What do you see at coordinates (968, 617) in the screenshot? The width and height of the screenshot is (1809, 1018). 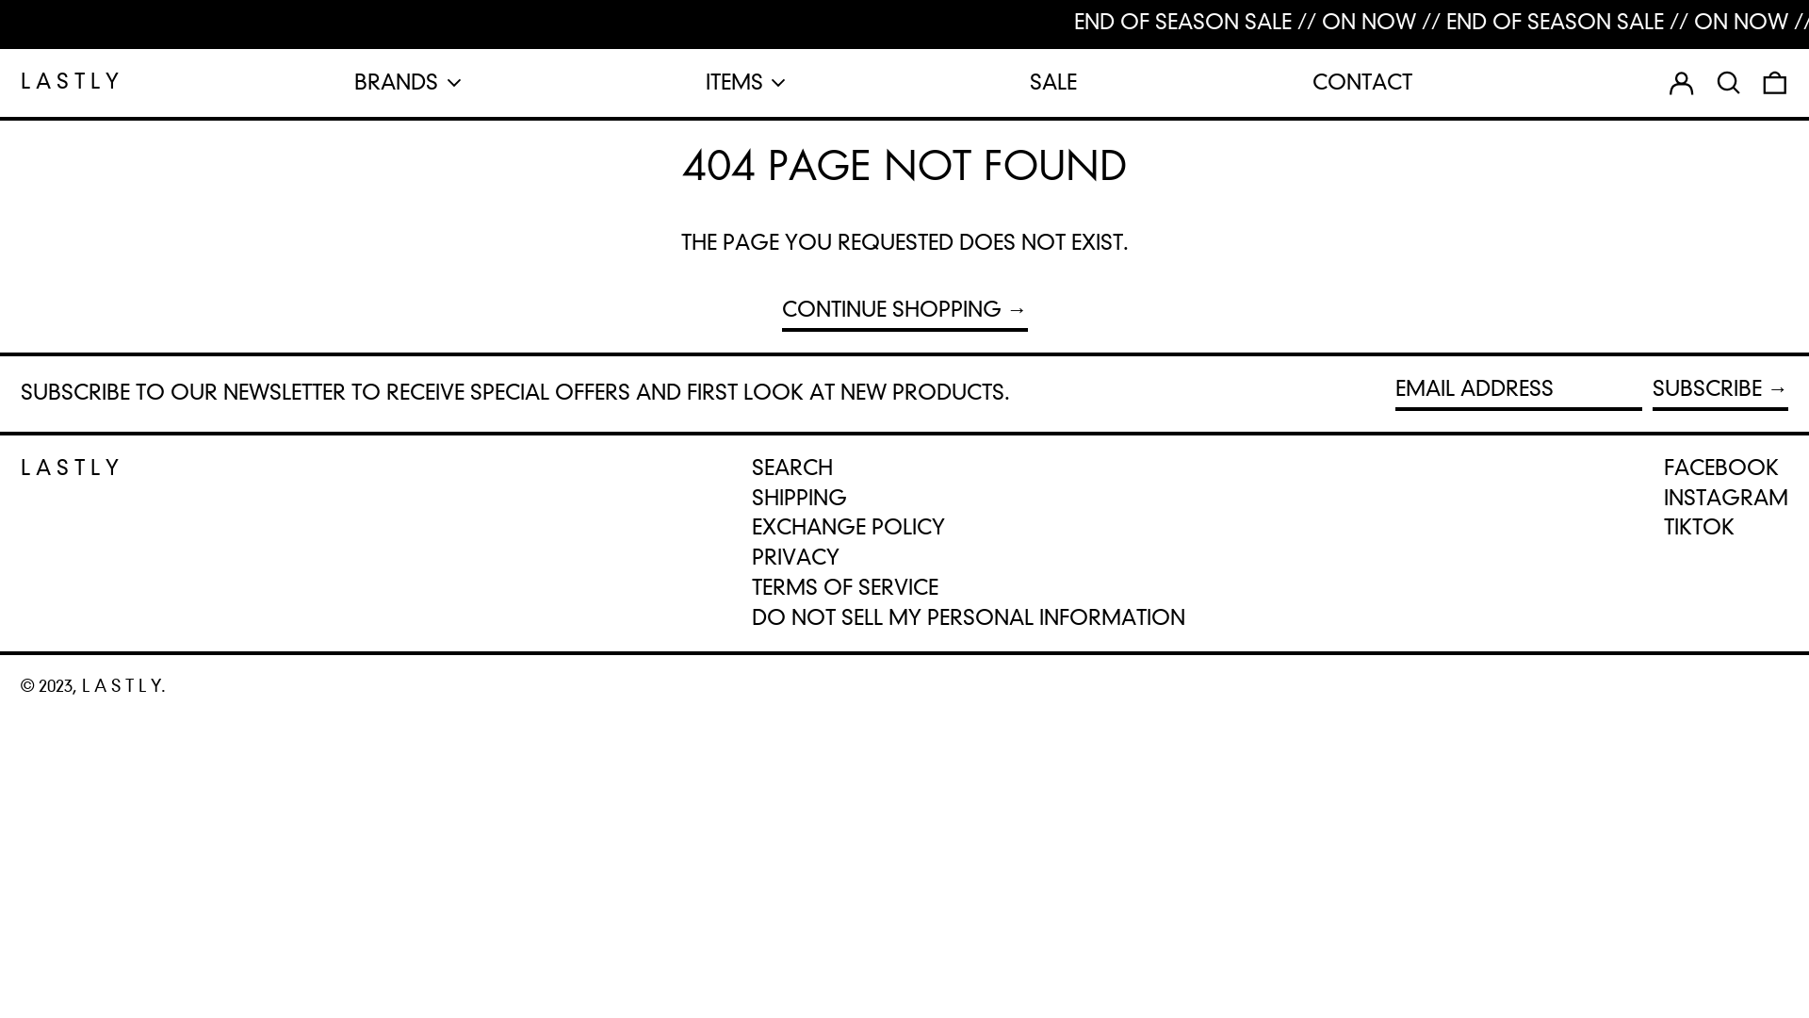 I see `'DO NOT SELL MY PERSONAL INFORMATION'` at bounding box center [968, 617].